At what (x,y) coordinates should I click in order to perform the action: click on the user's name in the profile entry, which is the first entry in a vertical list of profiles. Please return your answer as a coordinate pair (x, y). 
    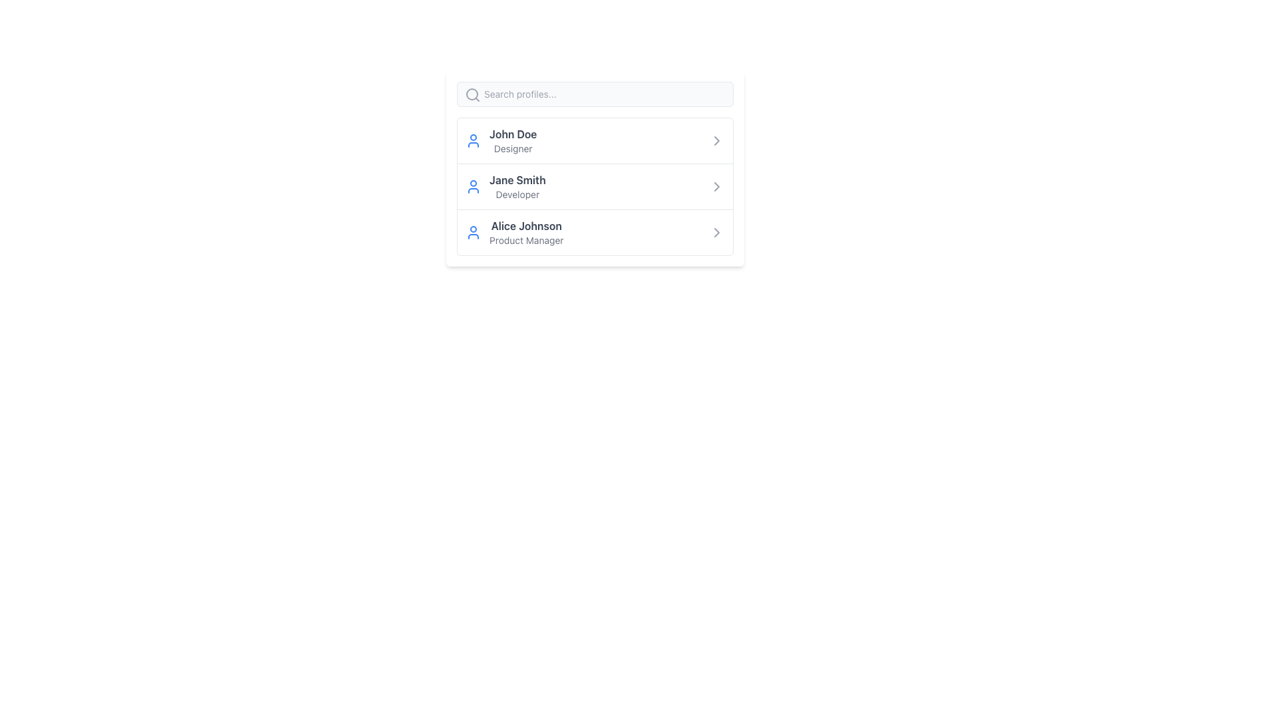
    Looking at the image, I should click on (500, 141).